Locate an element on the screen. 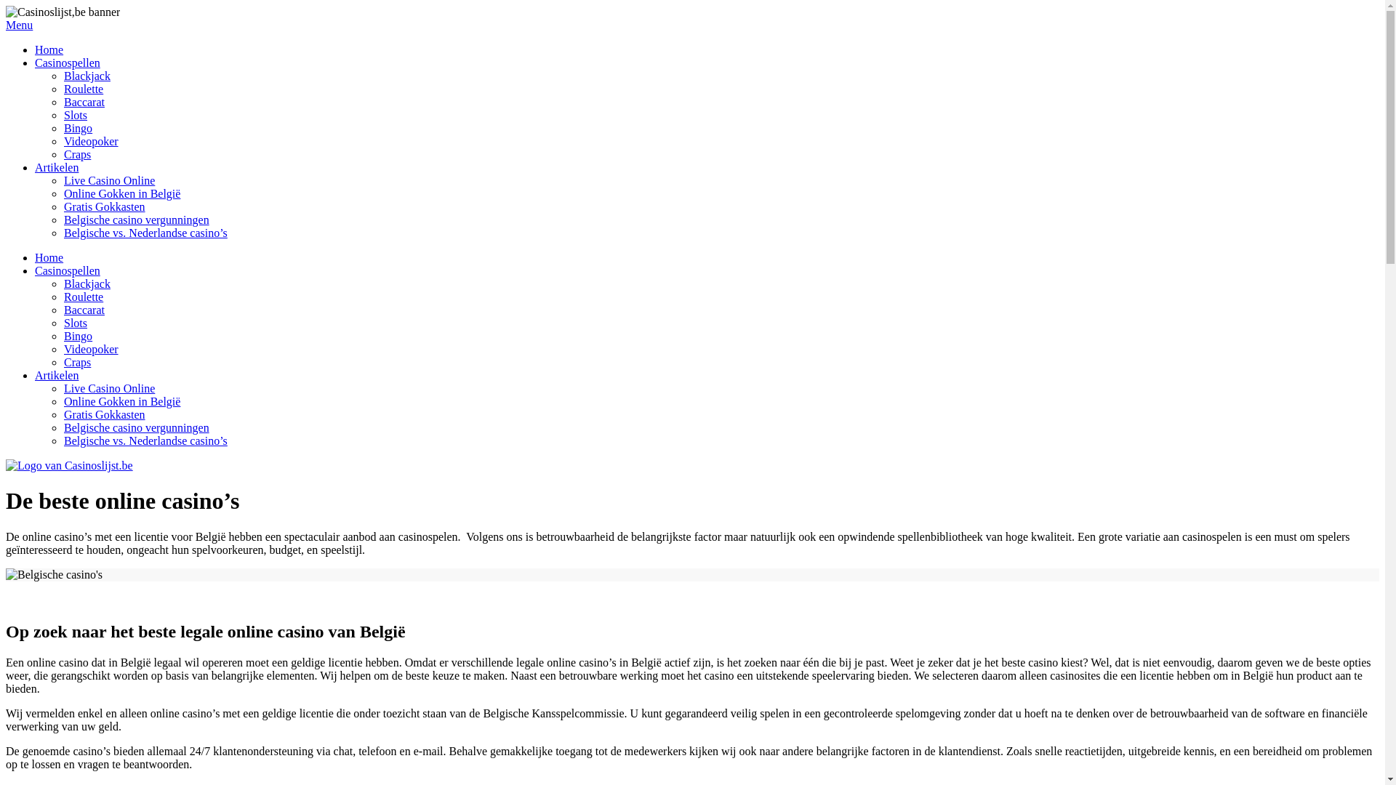  'Videopoker' is located at coordinates (90, 141).